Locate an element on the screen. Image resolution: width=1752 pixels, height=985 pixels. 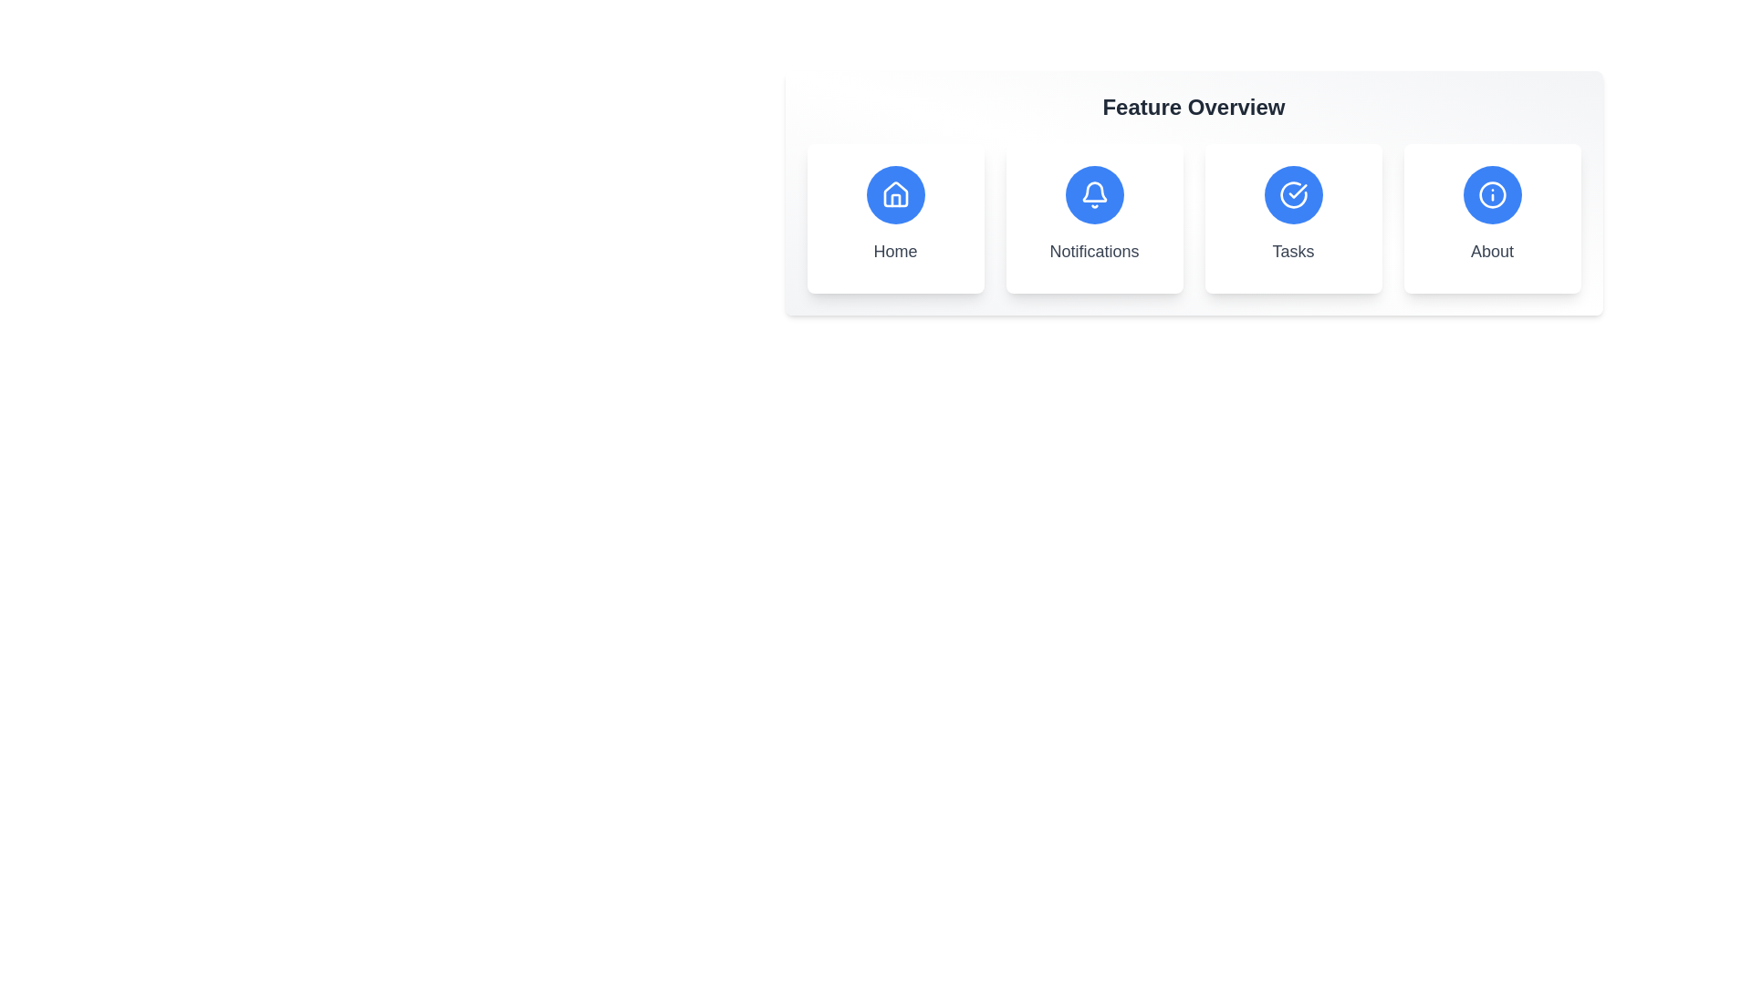
the notification bell icon with a blue circular background and white bell outline, which is the second icon from the left in the 'Feature Overview' section is located at coordinates (1094, 194).